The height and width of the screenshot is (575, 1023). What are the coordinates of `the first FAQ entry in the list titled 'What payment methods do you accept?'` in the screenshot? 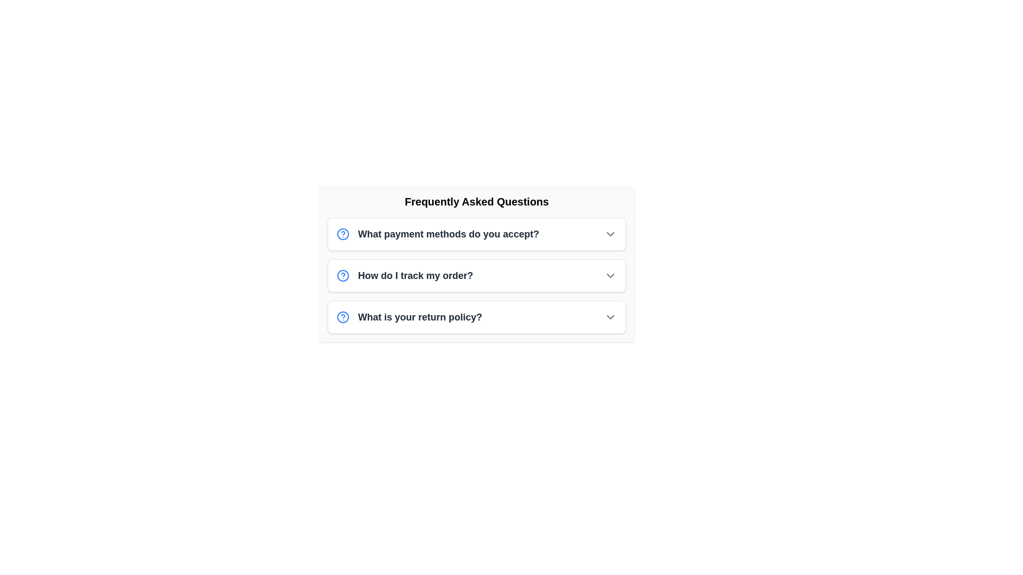 It's located at (476, 233).